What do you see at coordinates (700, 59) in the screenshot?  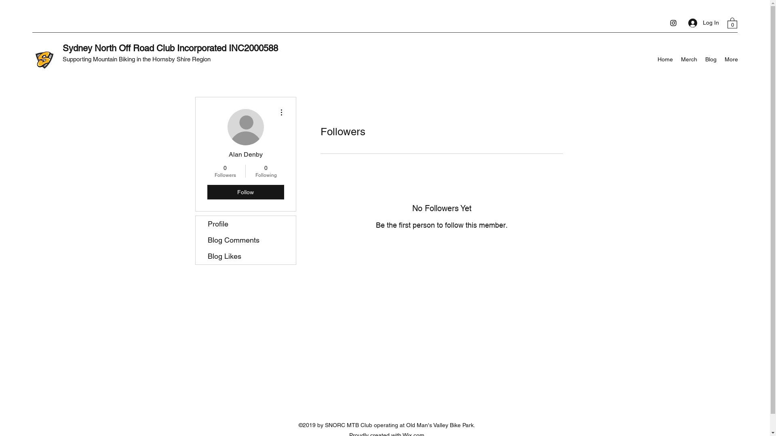 I see `'Blog'` at bounding box center [700, 59].